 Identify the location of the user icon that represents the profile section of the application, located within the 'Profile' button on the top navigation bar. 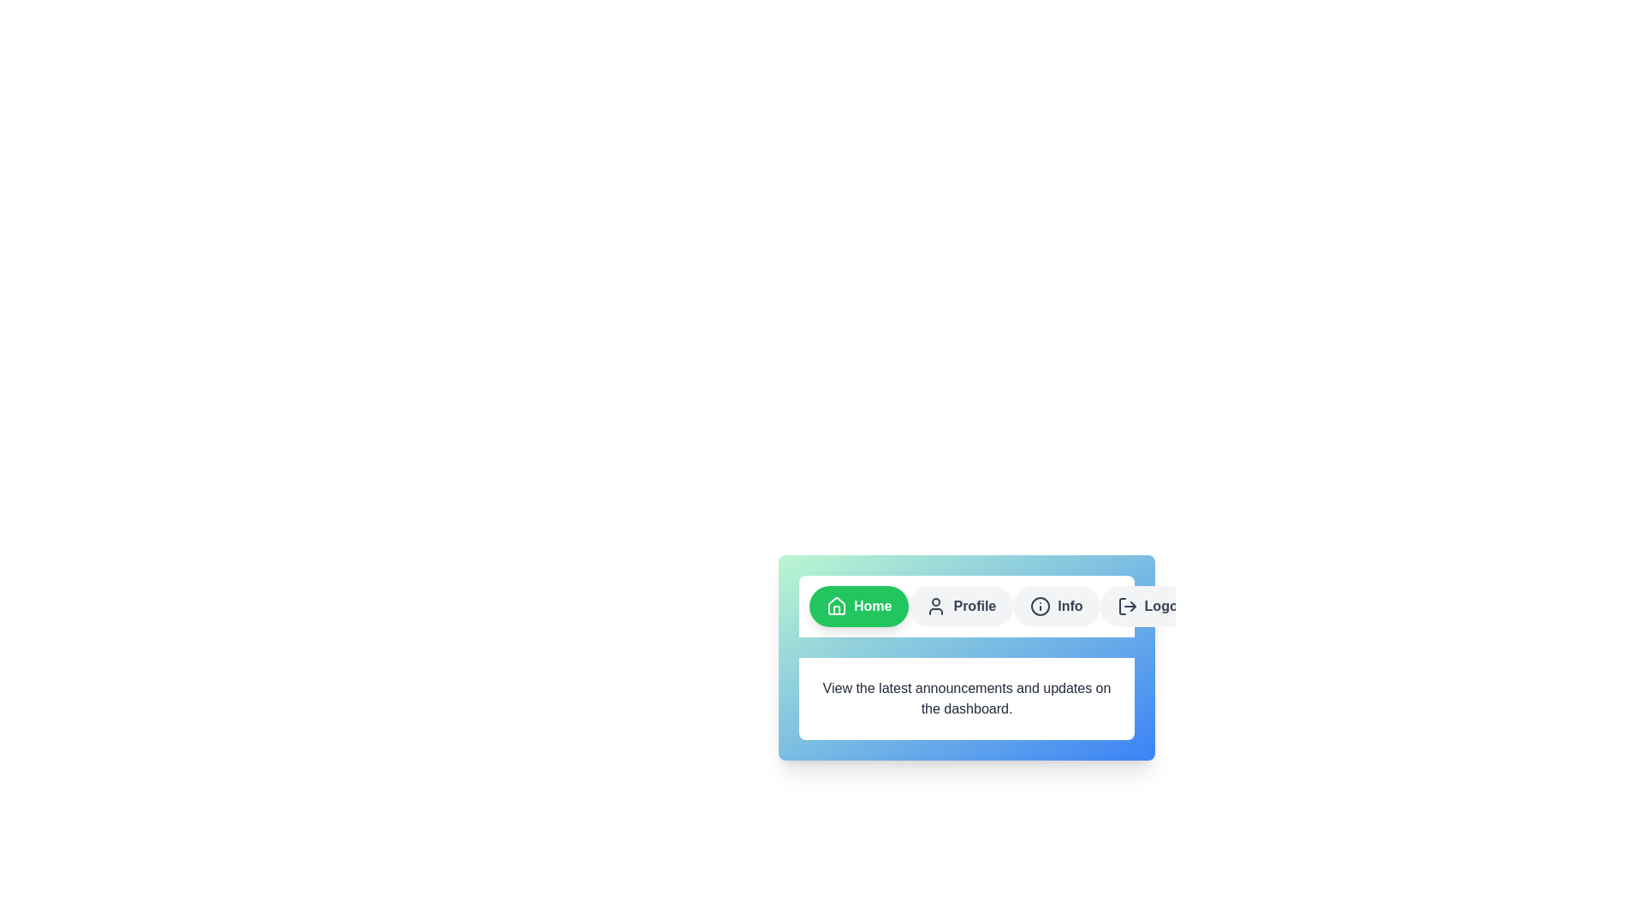
(935, 606).